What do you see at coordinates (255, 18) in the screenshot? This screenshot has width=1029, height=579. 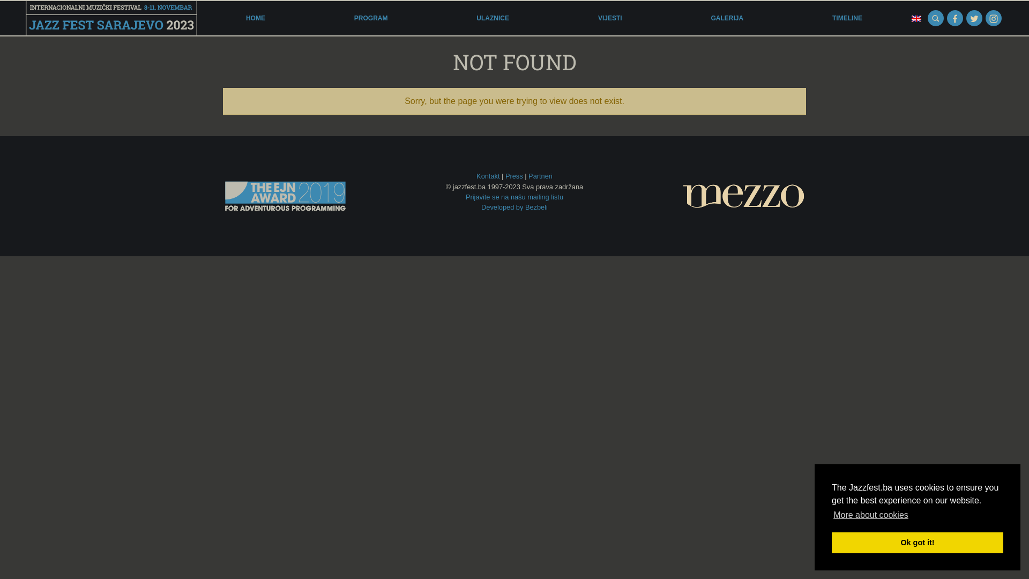 I see `'HOME'` at bounding box center [255, 18].